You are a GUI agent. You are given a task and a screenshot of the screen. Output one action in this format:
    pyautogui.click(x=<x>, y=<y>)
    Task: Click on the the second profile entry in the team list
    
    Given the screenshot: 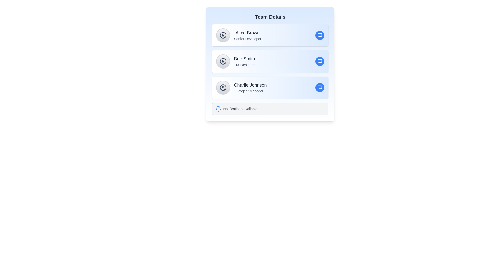 What is the action you would take?
    pyautogui.click(x=270, y=61)
    